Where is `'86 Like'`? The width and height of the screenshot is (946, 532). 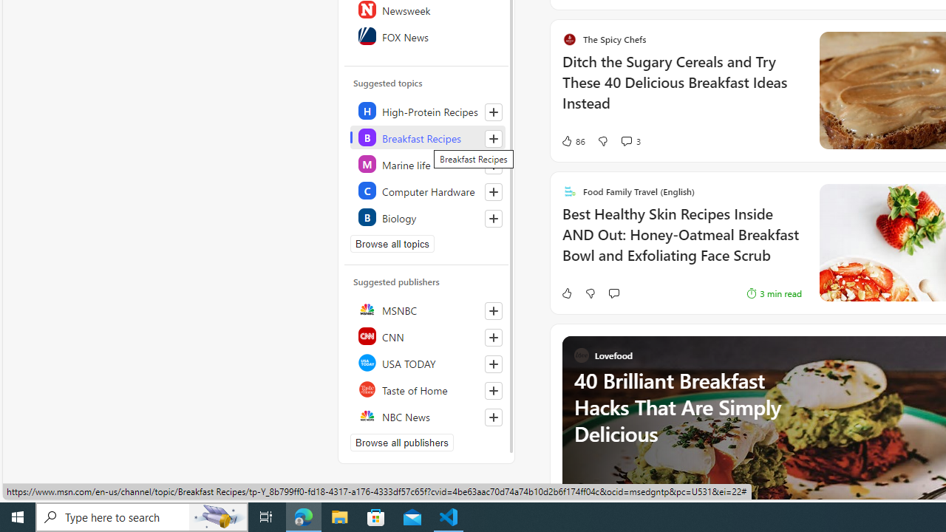
'86 Like' is located at coordinates (572, 141).